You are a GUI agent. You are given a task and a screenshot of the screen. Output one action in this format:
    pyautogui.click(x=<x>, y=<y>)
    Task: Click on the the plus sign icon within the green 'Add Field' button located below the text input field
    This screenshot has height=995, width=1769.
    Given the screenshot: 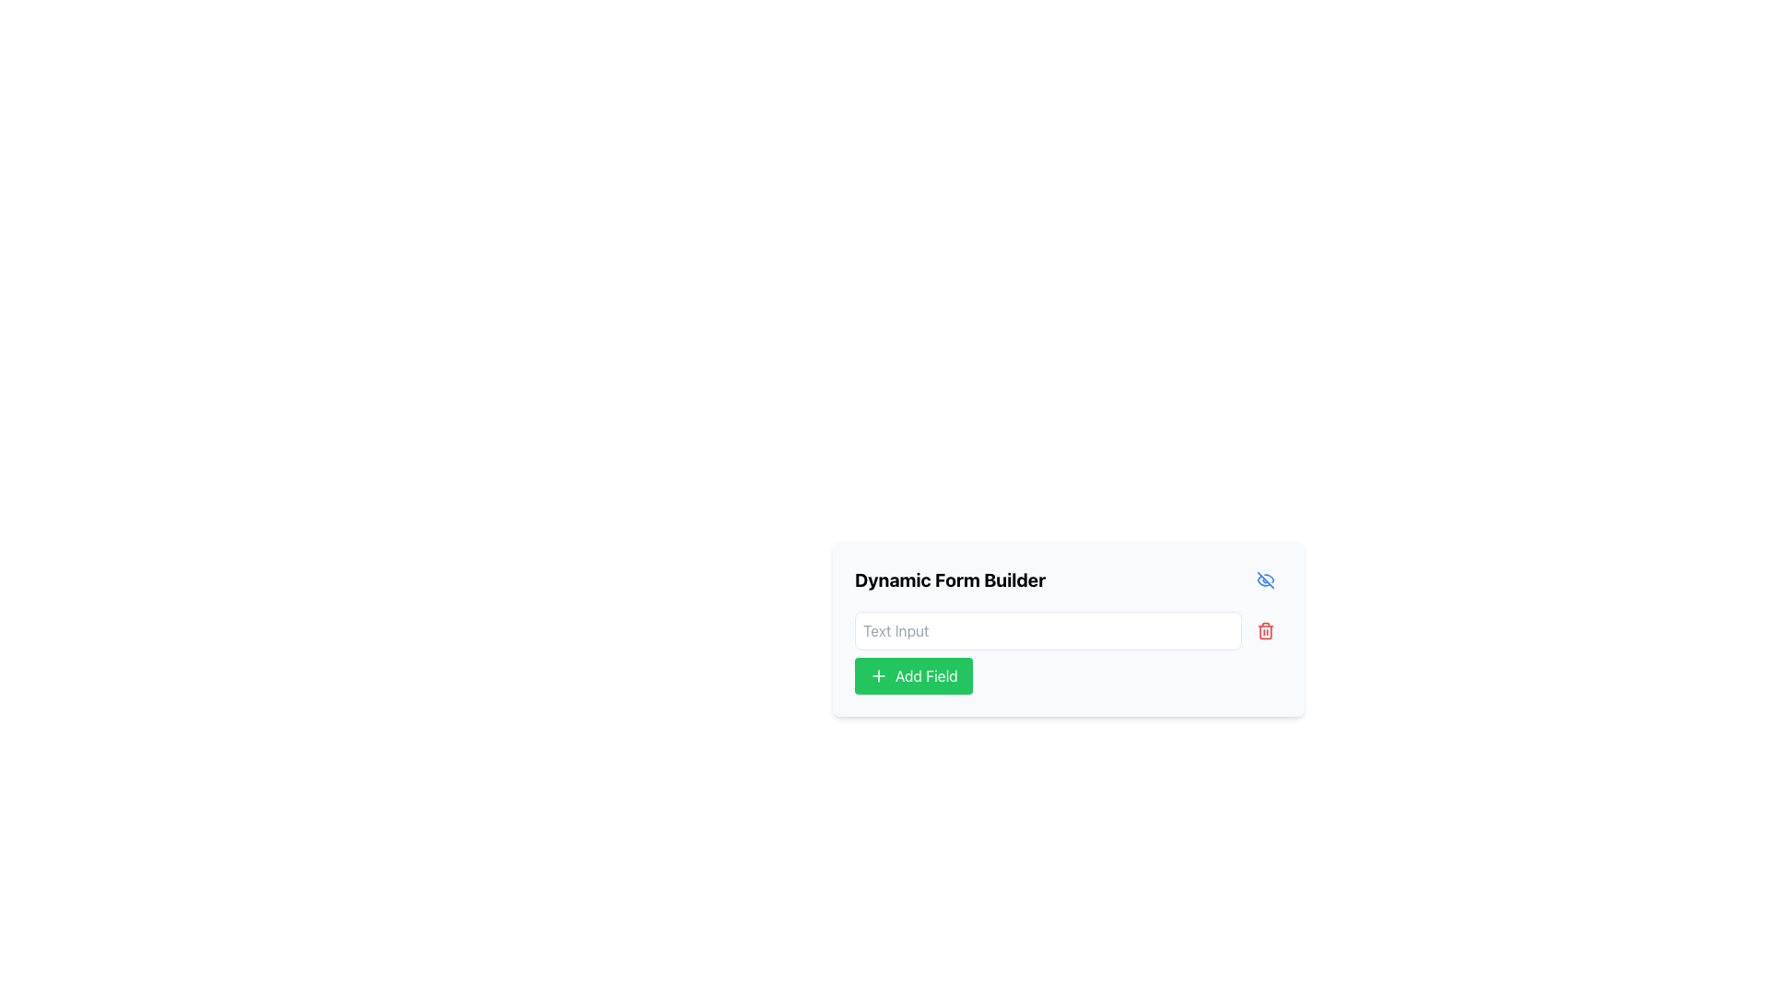 What is the action you would take?
    pyautogui.click(x=878, y=675)
    